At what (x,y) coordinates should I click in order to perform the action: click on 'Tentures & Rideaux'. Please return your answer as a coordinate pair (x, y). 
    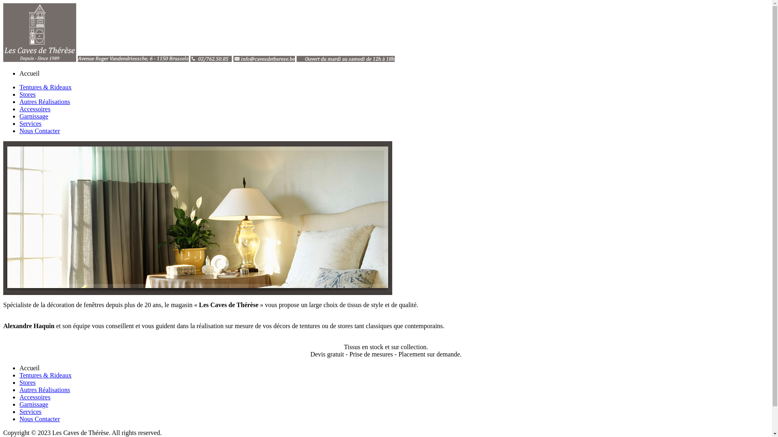
    Looking at the image, I should click on (19, 375).